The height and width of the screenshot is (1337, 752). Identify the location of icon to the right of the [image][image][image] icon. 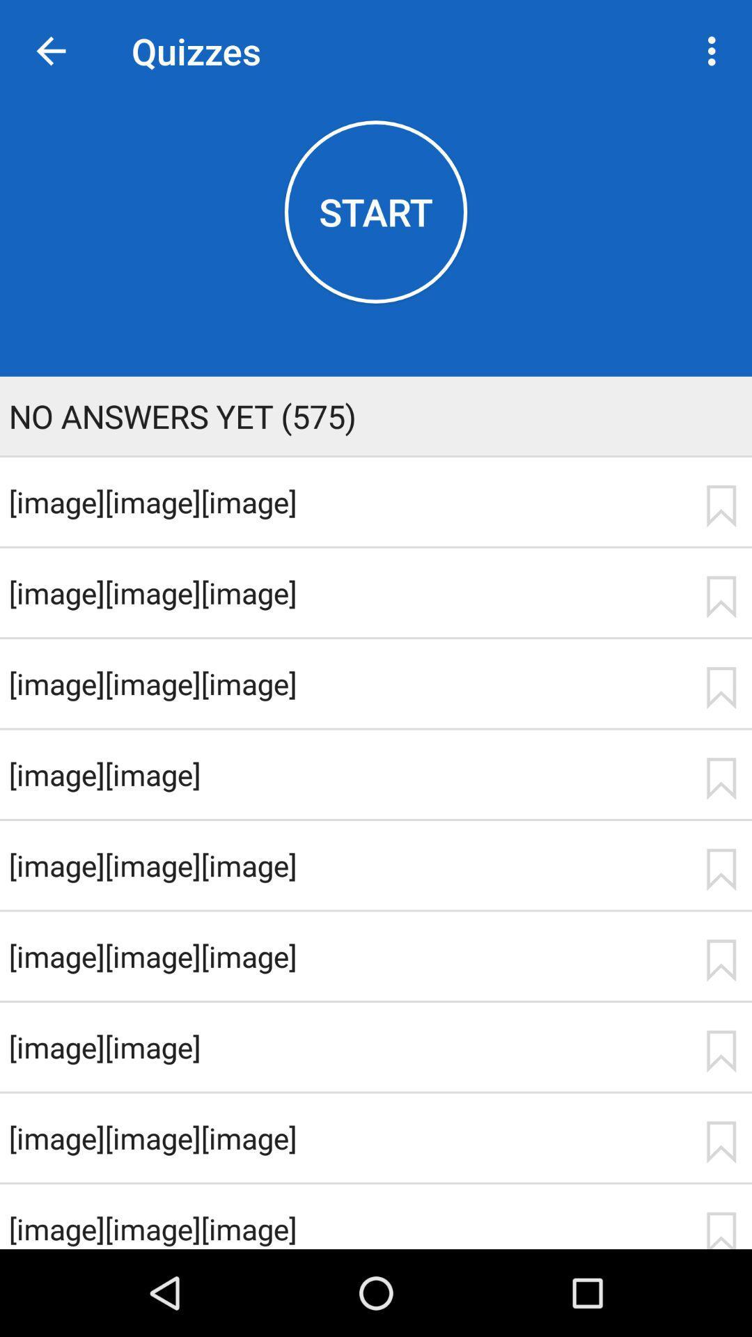
(721, 1230).